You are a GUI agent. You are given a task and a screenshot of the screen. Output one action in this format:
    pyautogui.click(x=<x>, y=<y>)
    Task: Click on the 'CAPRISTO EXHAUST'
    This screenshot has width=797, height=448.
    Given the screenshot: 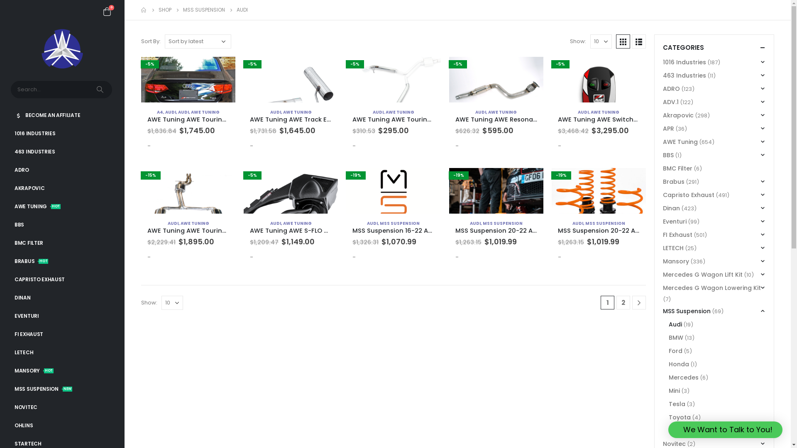 What is the action you would take?
    pyautogui.click(x=61, y=280)
    